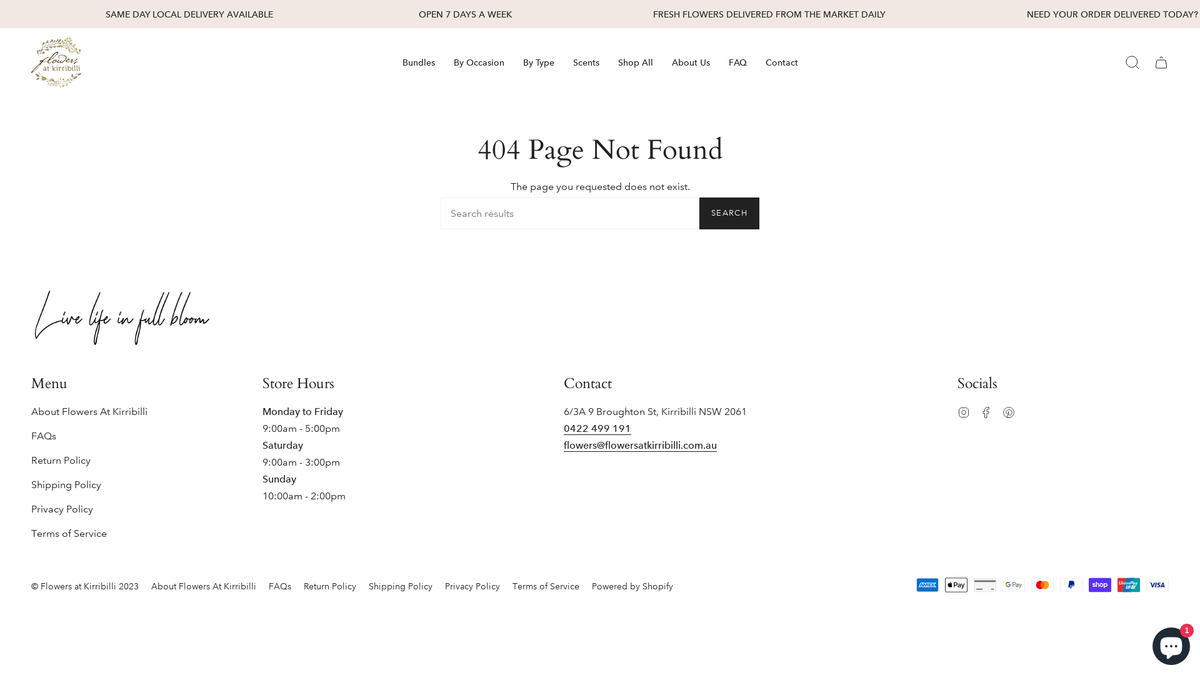 This screenshot has height=675, width=1200. I want to click on 'Scents', so click(585, 62).